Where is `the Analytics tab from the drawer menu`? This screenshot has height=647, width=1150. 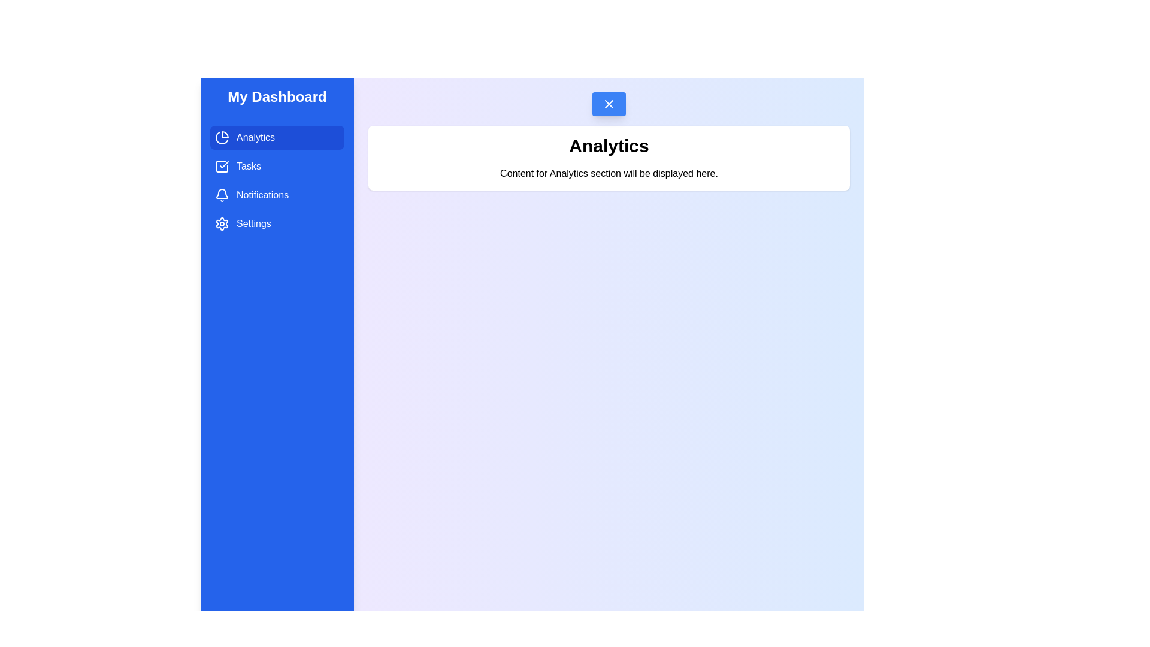 the Analytics tab from the drawer menu is located at coordinates (276, 137).